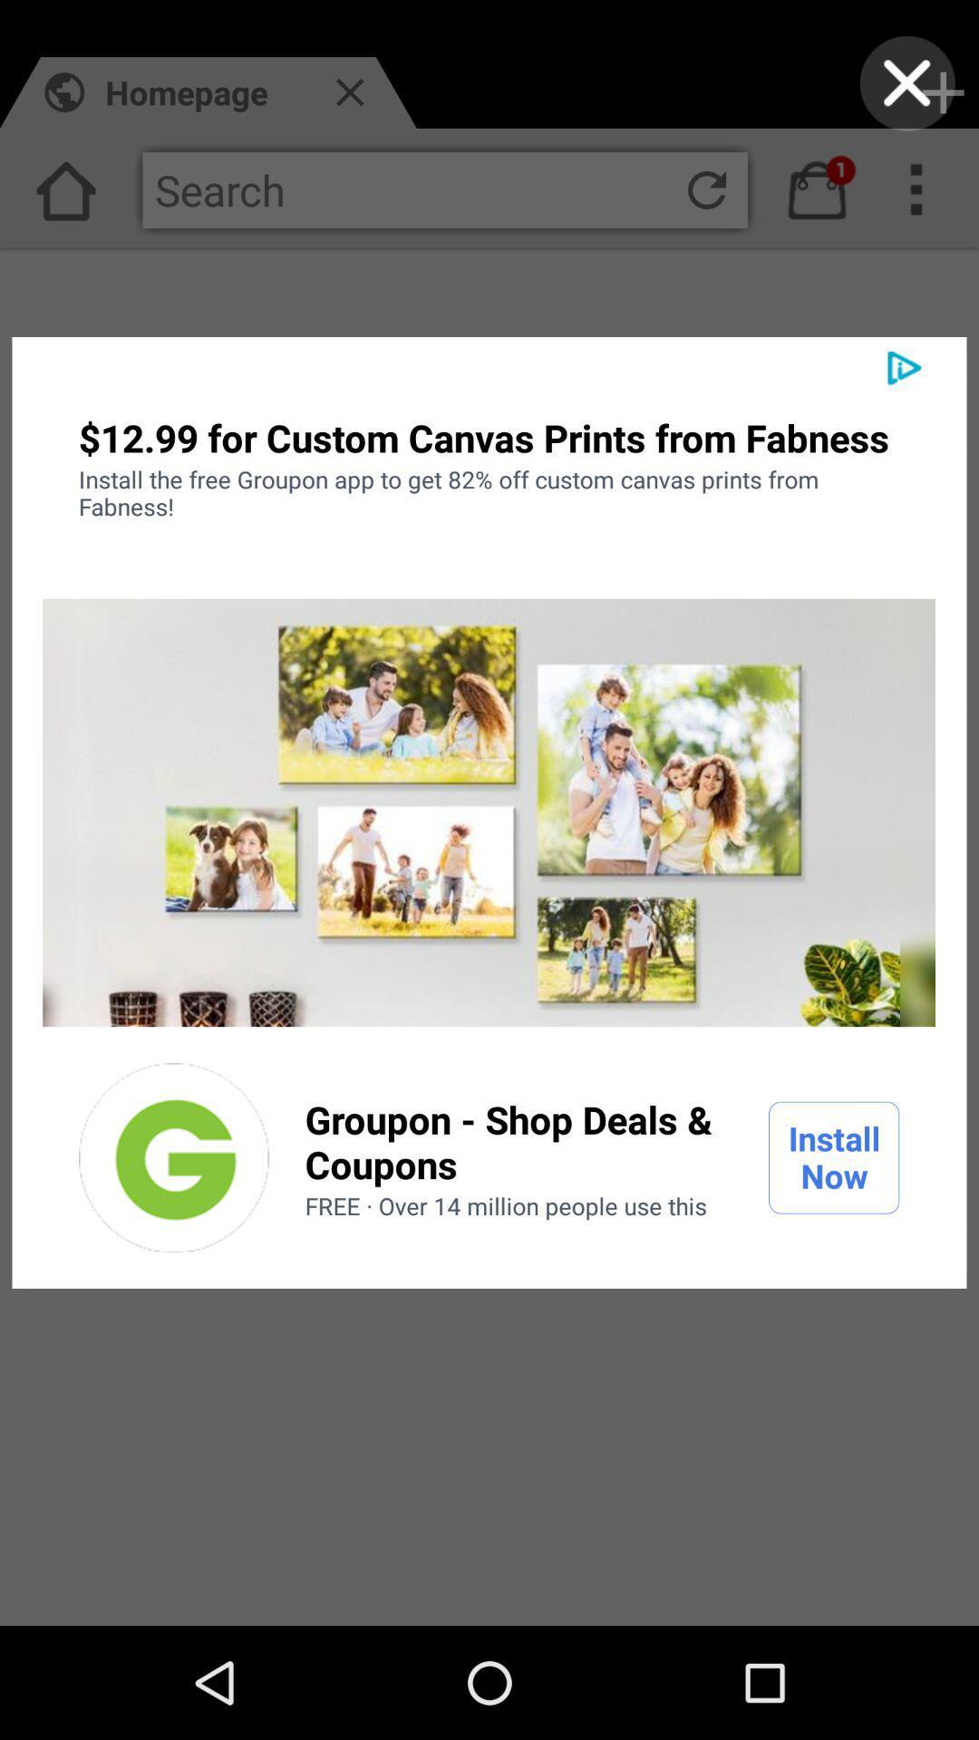 This screenshot has height=1740, width=979. Describe the element at coordinates (834, 1156) in the screenshot. I see `icon next to groupon shop deals item` at that location.